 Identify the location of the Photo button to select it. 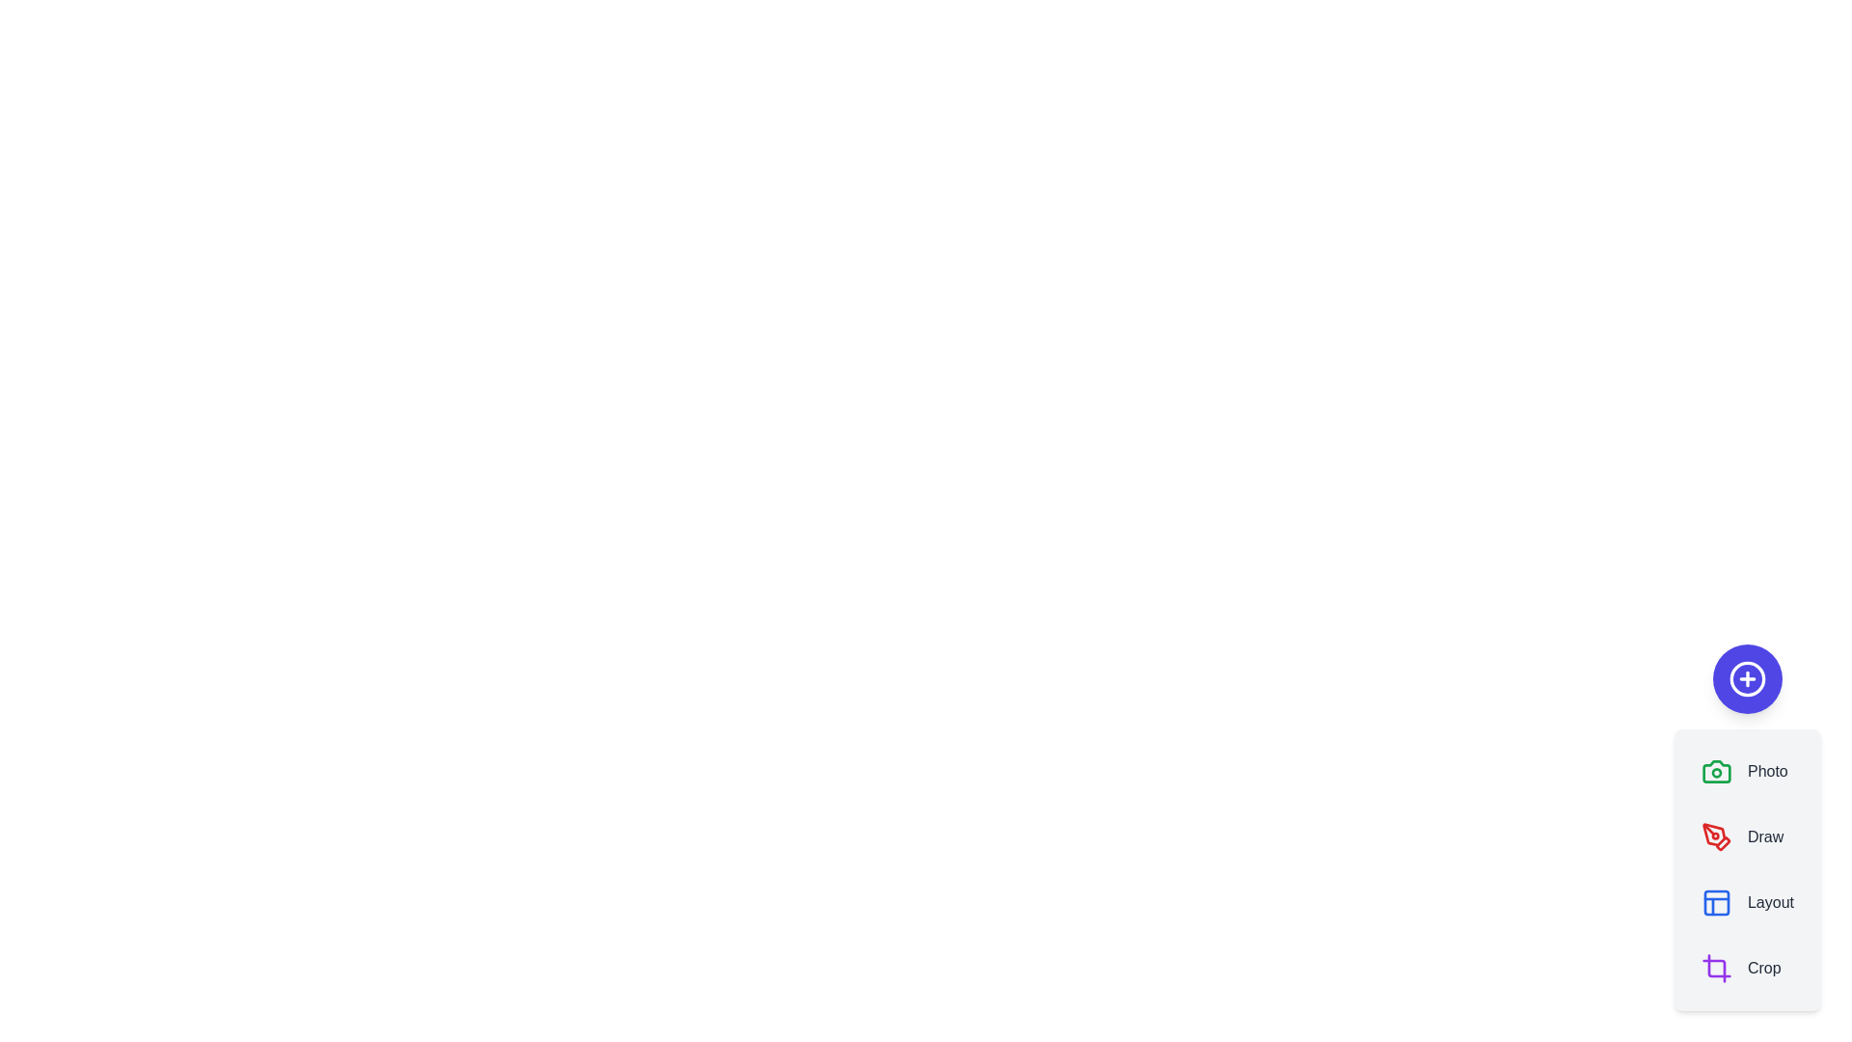
(1744, 770).